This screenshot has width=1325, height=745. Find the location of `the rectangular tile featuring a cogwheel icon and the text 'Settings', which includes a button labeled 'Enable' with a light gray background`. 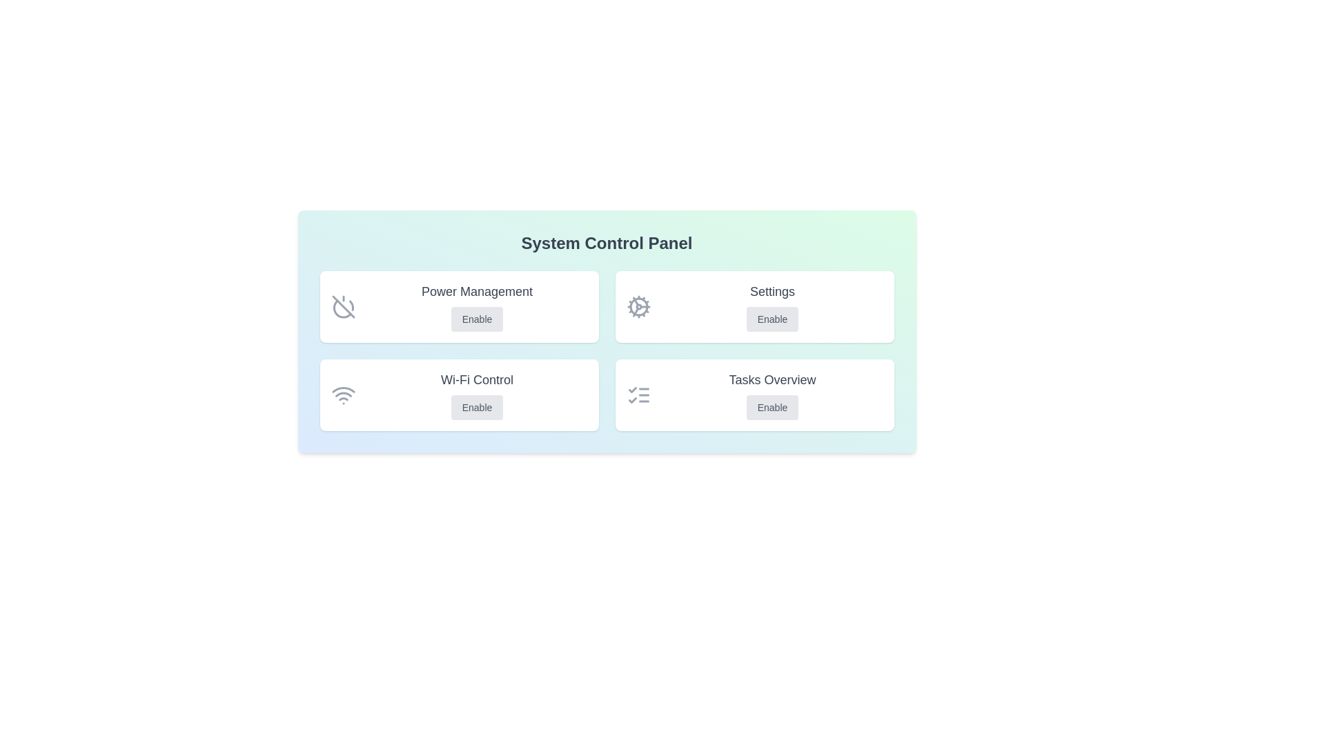

the rectangular tile featuring a cogwheel icon and the text 'Settings', which includes a button labeled 'Enable' with a light gray background is located at coordinates (754, 306).